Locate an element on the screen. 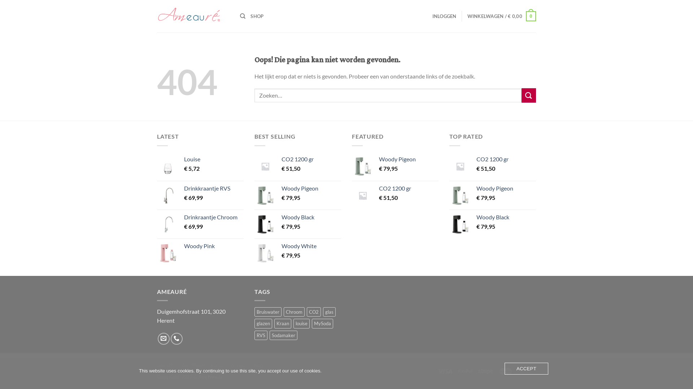  'glazen' is located at coordinates (263, 323).